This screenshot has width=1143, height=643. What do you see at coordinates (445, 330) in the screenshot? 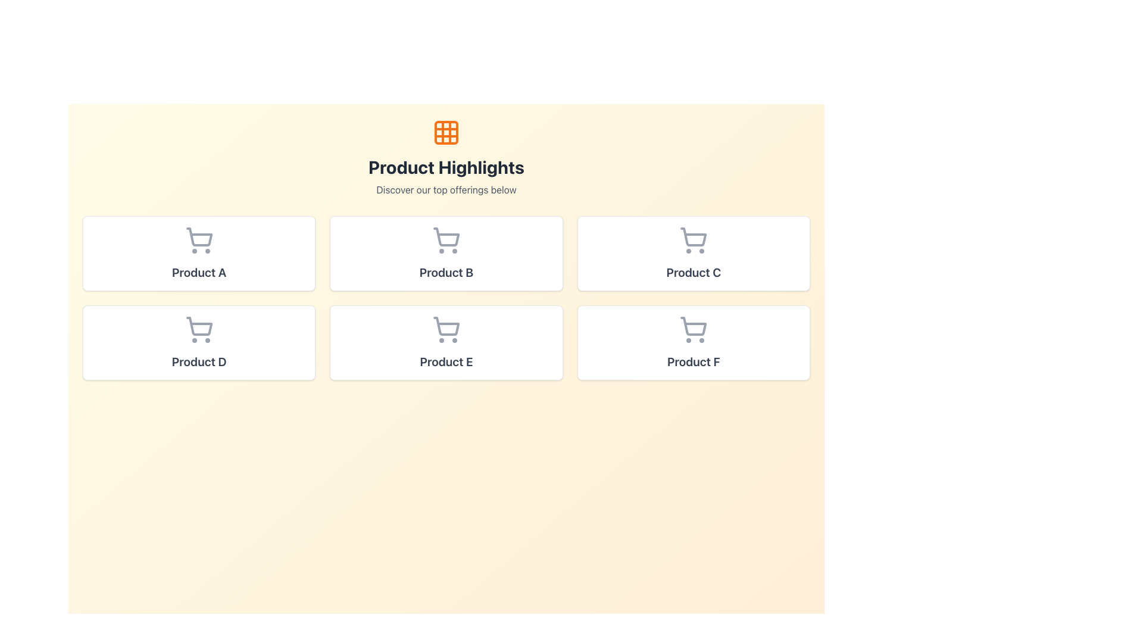
I see `the shopping cart icon representing the purchase functionality for 'Product E', located in the card of 'Product E' in the grid layout` at bounding box center [445, 330].